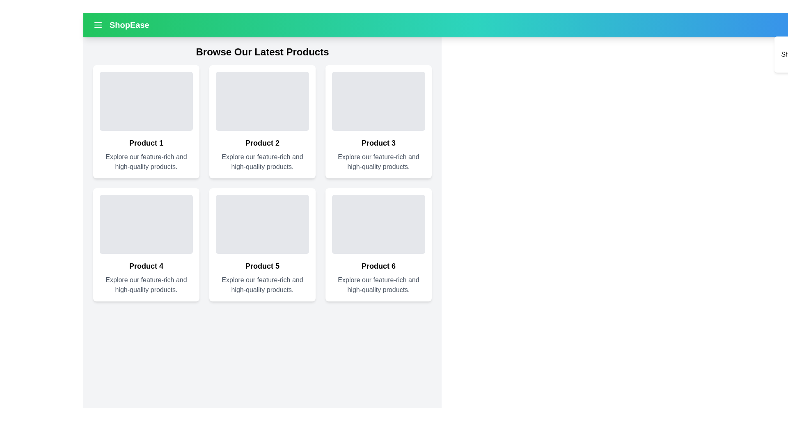  What do you see at coordinates (378, 266) in the screenshot?
I see `text content of the label identifying 'Product 6', which is located in the bottom right card of a grid layout` at bounding box center [378, 266].